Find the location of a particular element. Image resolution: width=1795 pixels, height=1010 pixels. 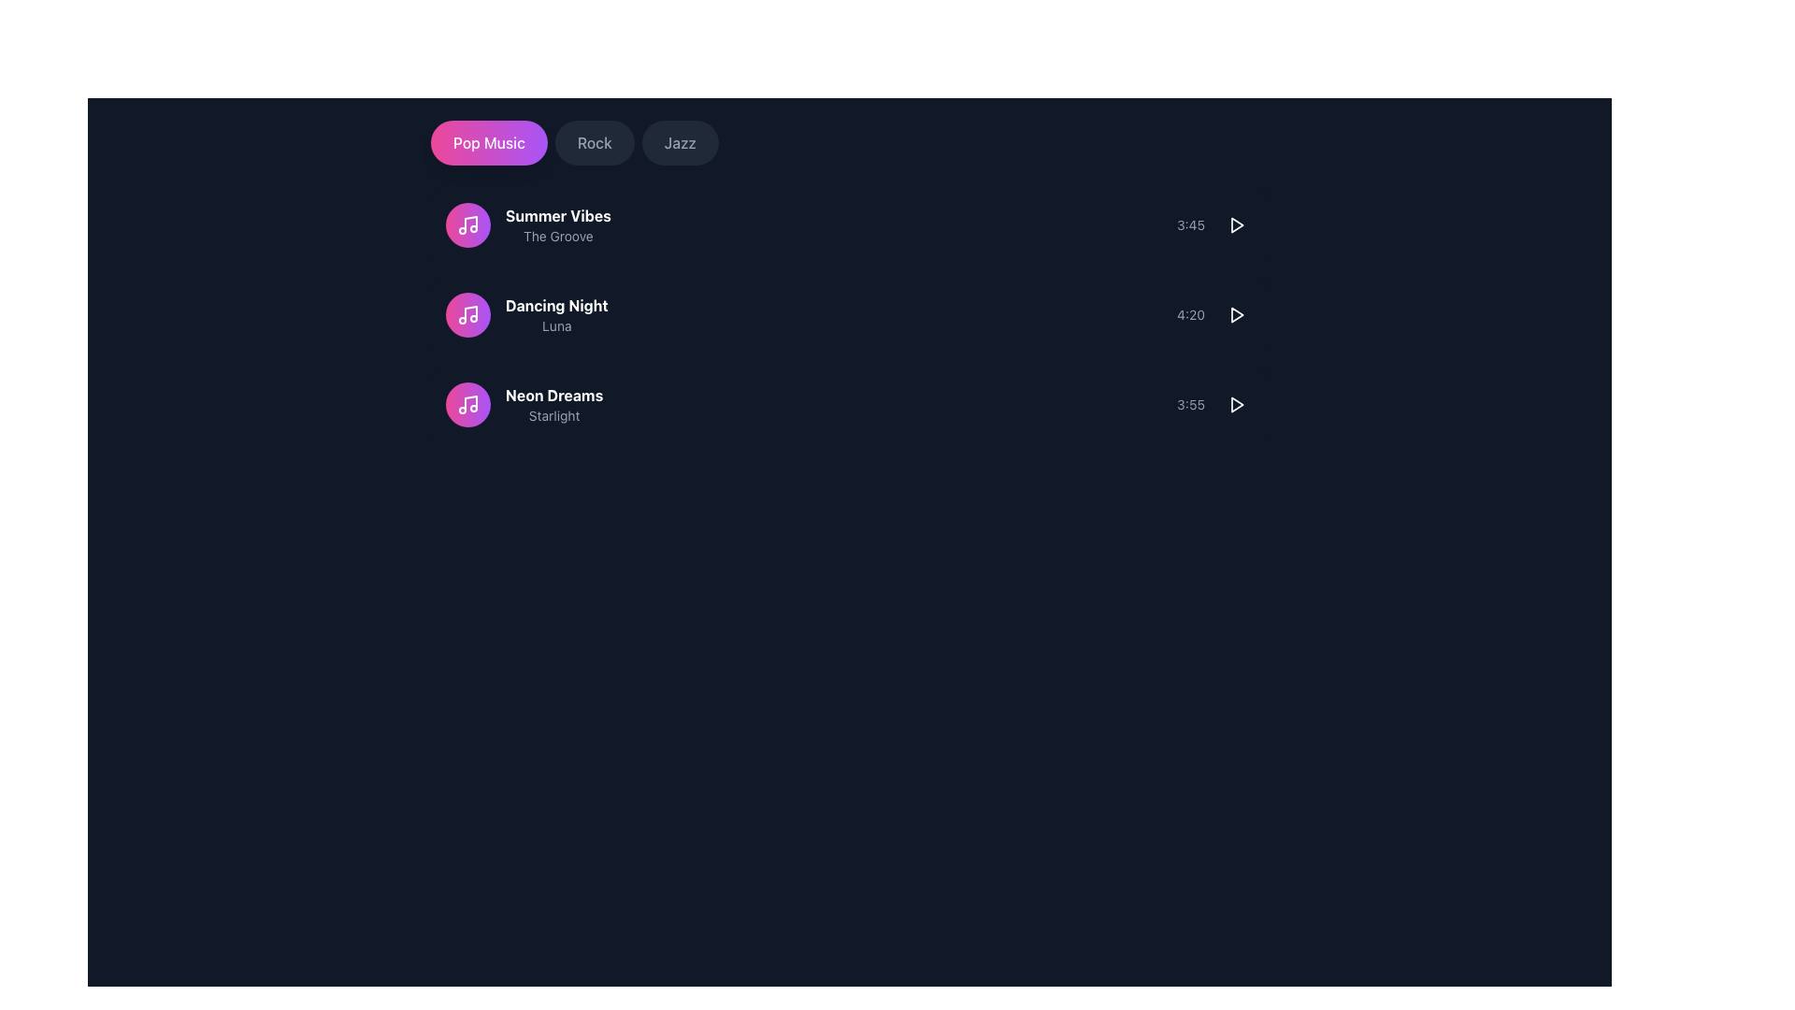

the circular music track icon representing 'Dancing Night' by Luna, located in the second row of items is located at coordinates (467, 313).